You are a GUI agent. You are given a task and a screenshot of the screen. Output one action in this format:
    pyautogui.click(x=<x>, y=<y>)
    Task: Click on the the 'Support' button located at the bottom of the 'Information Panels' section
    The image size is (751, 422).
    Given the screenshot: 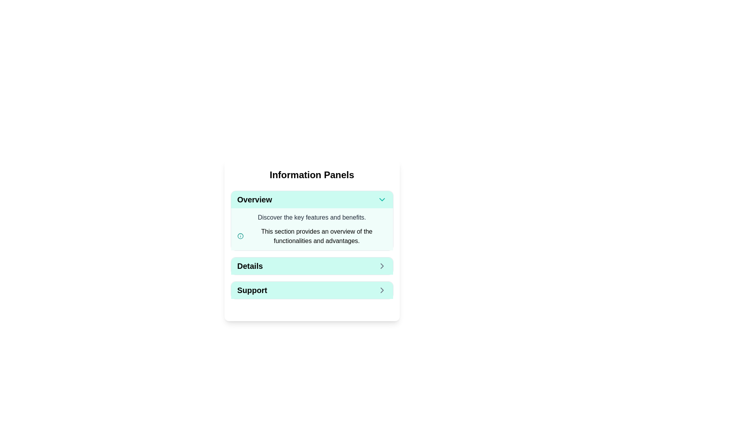 What is the action you would take?
    pyautogui.click(x=311, y=290)
    